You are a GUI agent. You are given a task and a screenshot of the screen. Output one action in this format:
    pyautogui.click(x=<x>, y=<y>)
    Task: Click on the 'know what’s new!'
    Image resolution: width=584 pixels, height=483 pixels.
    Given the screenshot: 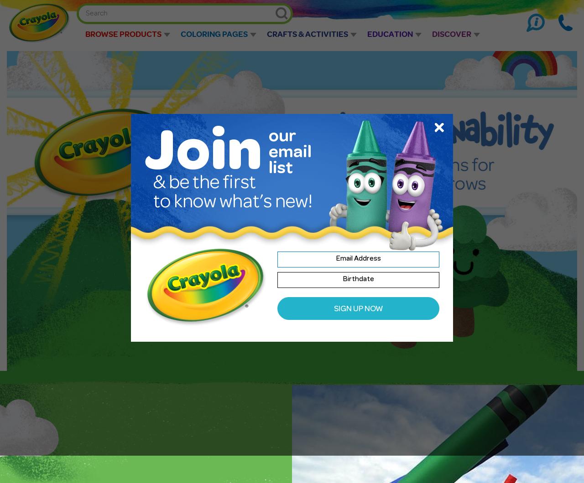 What is the action you would take?
    pyautogui.click(x=243, y=203)
    